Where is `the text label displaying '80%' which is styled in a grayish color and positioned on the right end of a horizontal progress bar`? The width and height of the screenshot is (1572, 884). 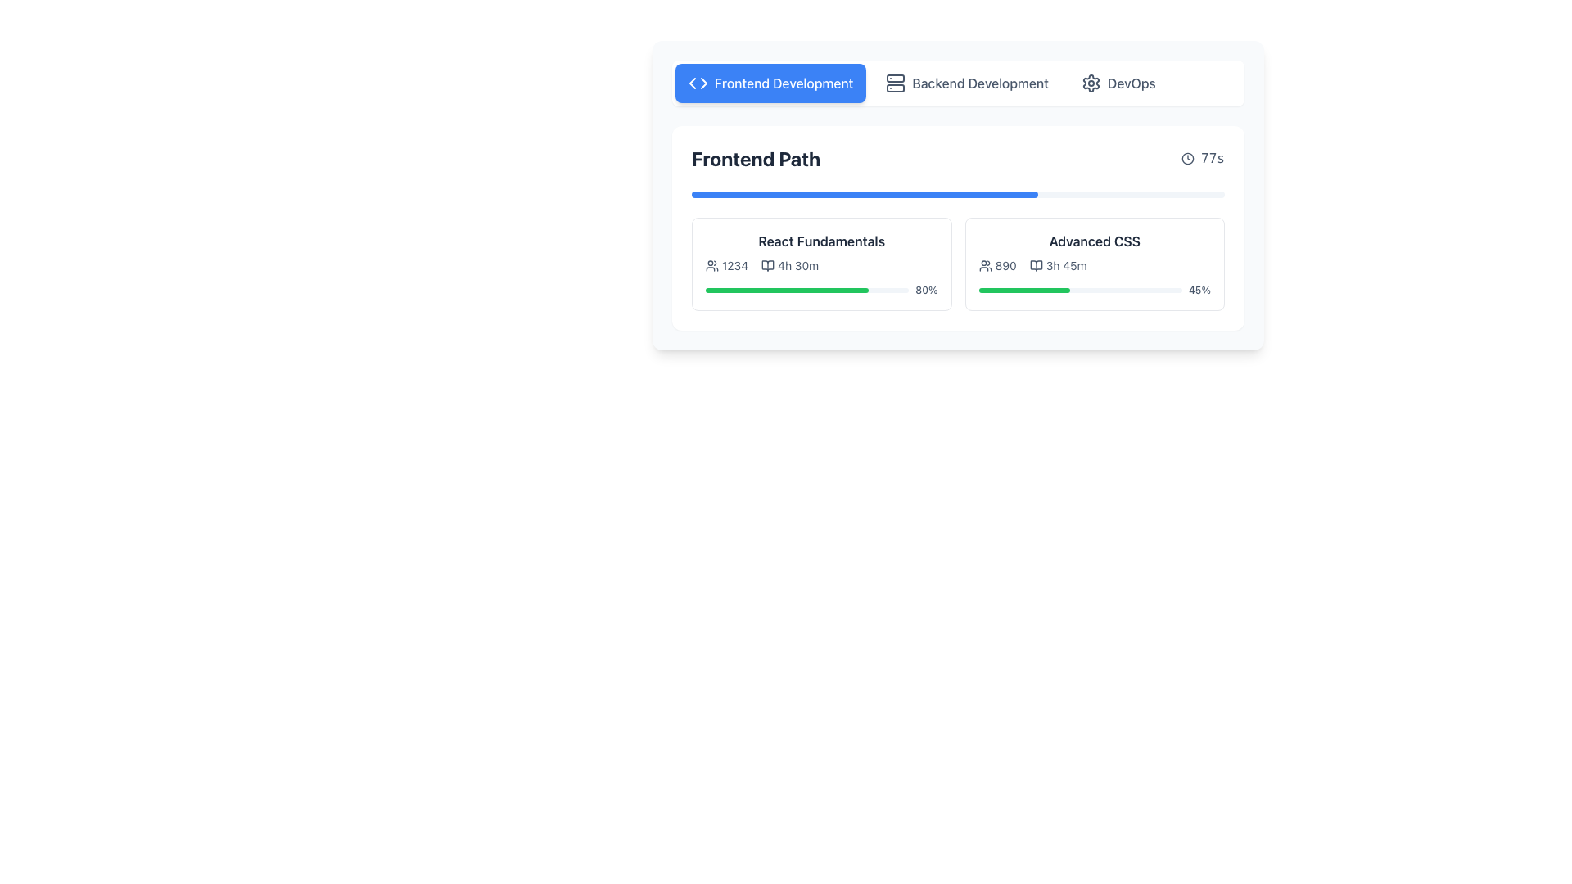
the text label displaying '80%' which is styled in a grayish color and positioned on the right end of a horizontal progress bar is located at coordinates (926, 289).